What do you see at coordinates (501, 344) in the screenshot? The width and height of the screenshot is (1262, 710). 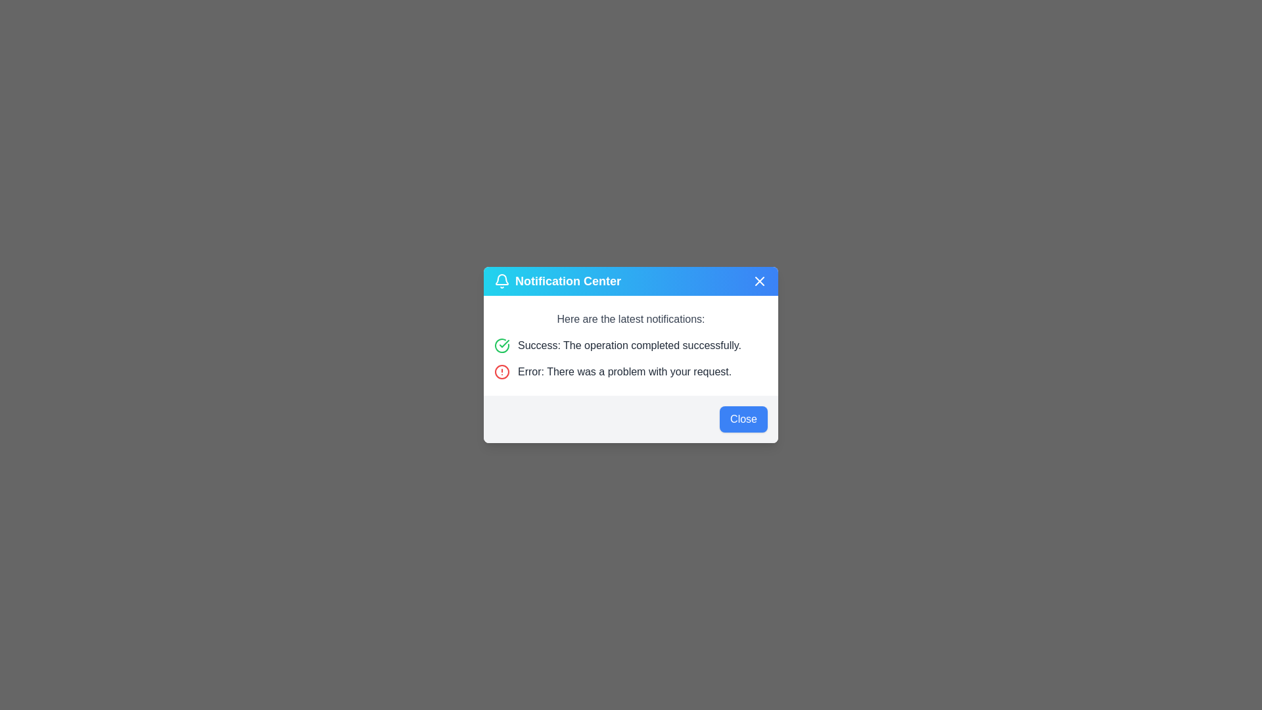 I see `the Decorative SVG icon that represents a checkmark in the success message row, located to the left of the text 'Success: The operation completed successfully.'` at bounding box center [501, 344].